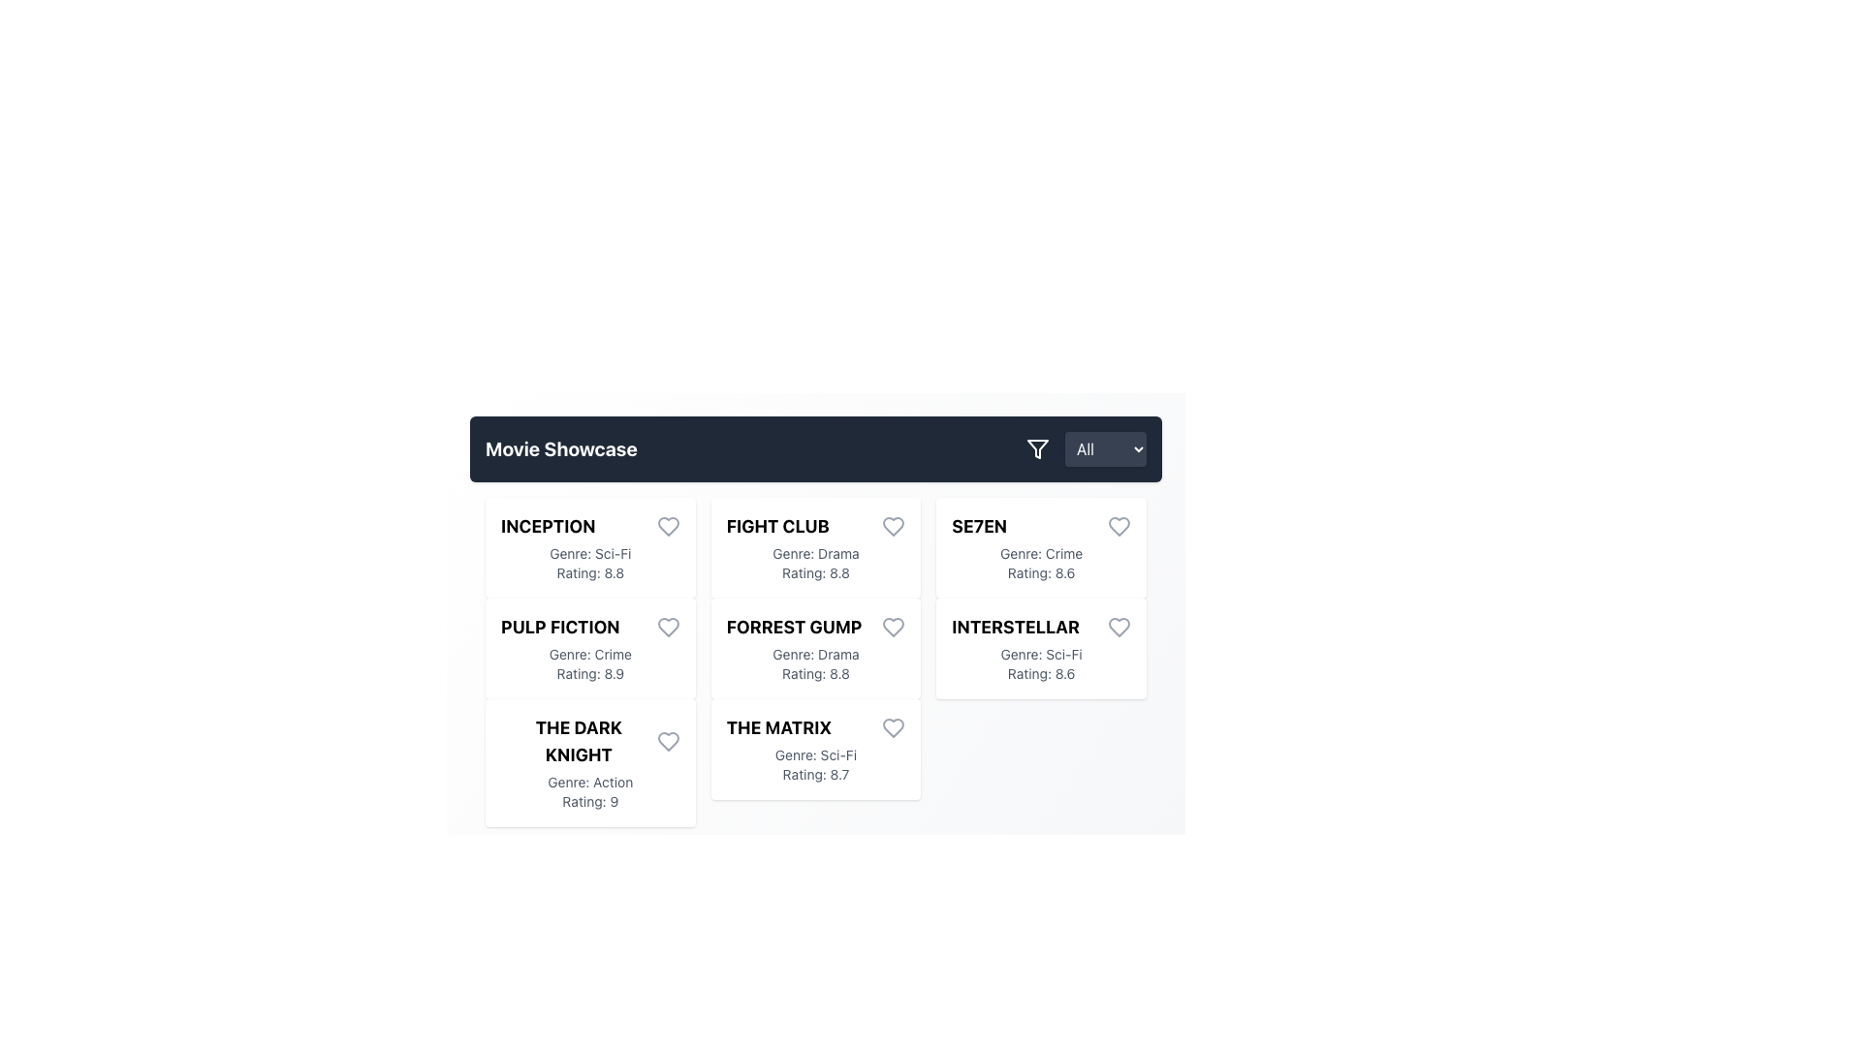 This screenshot has height=1046, width=1861. Describe the element at coordinates (1063, 654) in the screenshot. I see `the genre descriptor text label for the movie 'Interstellar', which is located under the title 'INTERSTELLAR' and above the rating '8.6'` at that location.